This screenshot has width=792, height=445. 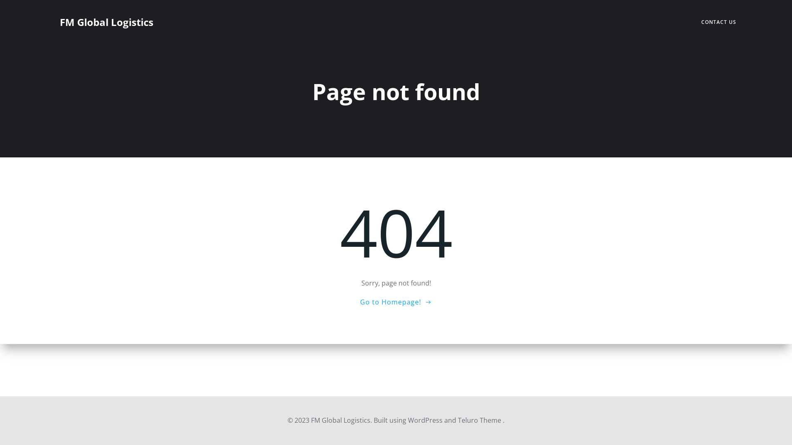 I want to click on 'FM Global Logistics', so click(x=106, y=22).